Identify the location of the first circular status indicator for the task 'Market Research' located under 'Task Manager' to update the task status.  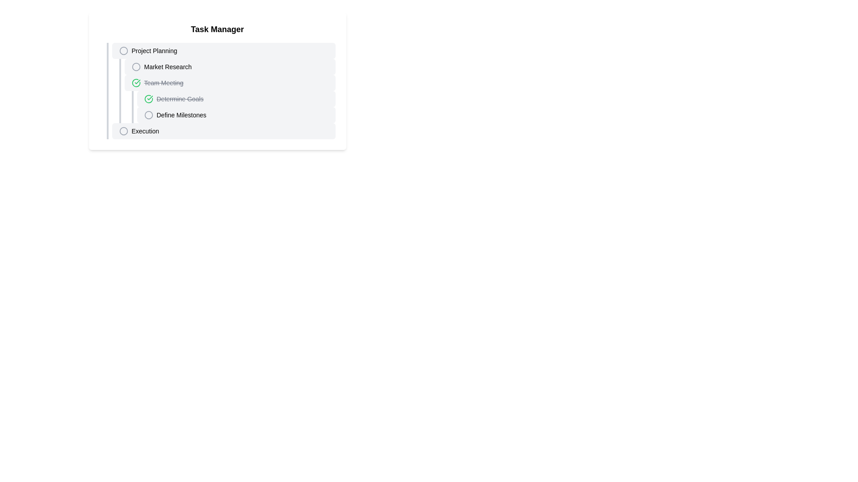
(135, 66).